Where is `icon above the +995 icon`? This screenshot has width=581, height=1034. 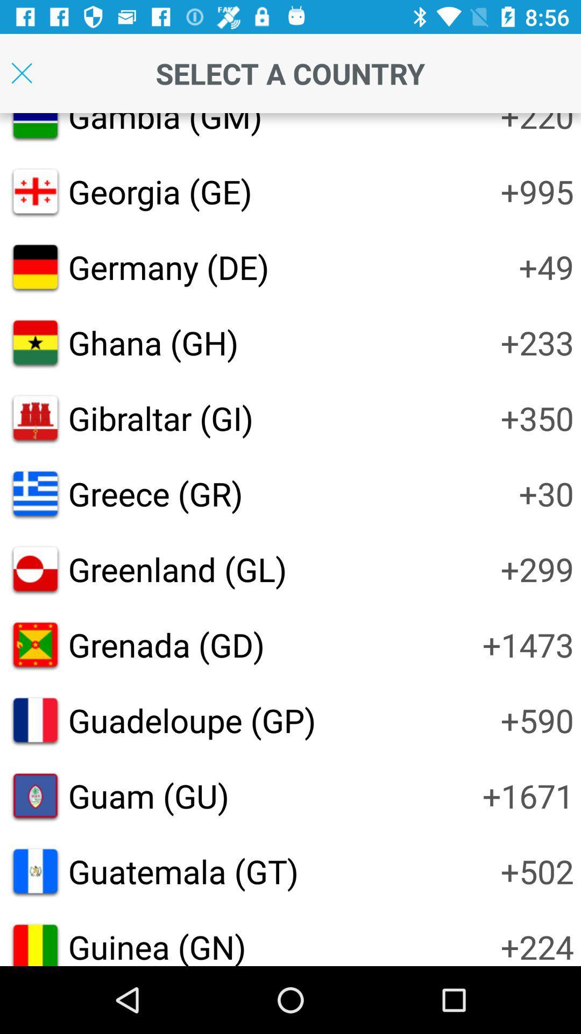 icon above the +995 icon is located at coordinates (537, 125).